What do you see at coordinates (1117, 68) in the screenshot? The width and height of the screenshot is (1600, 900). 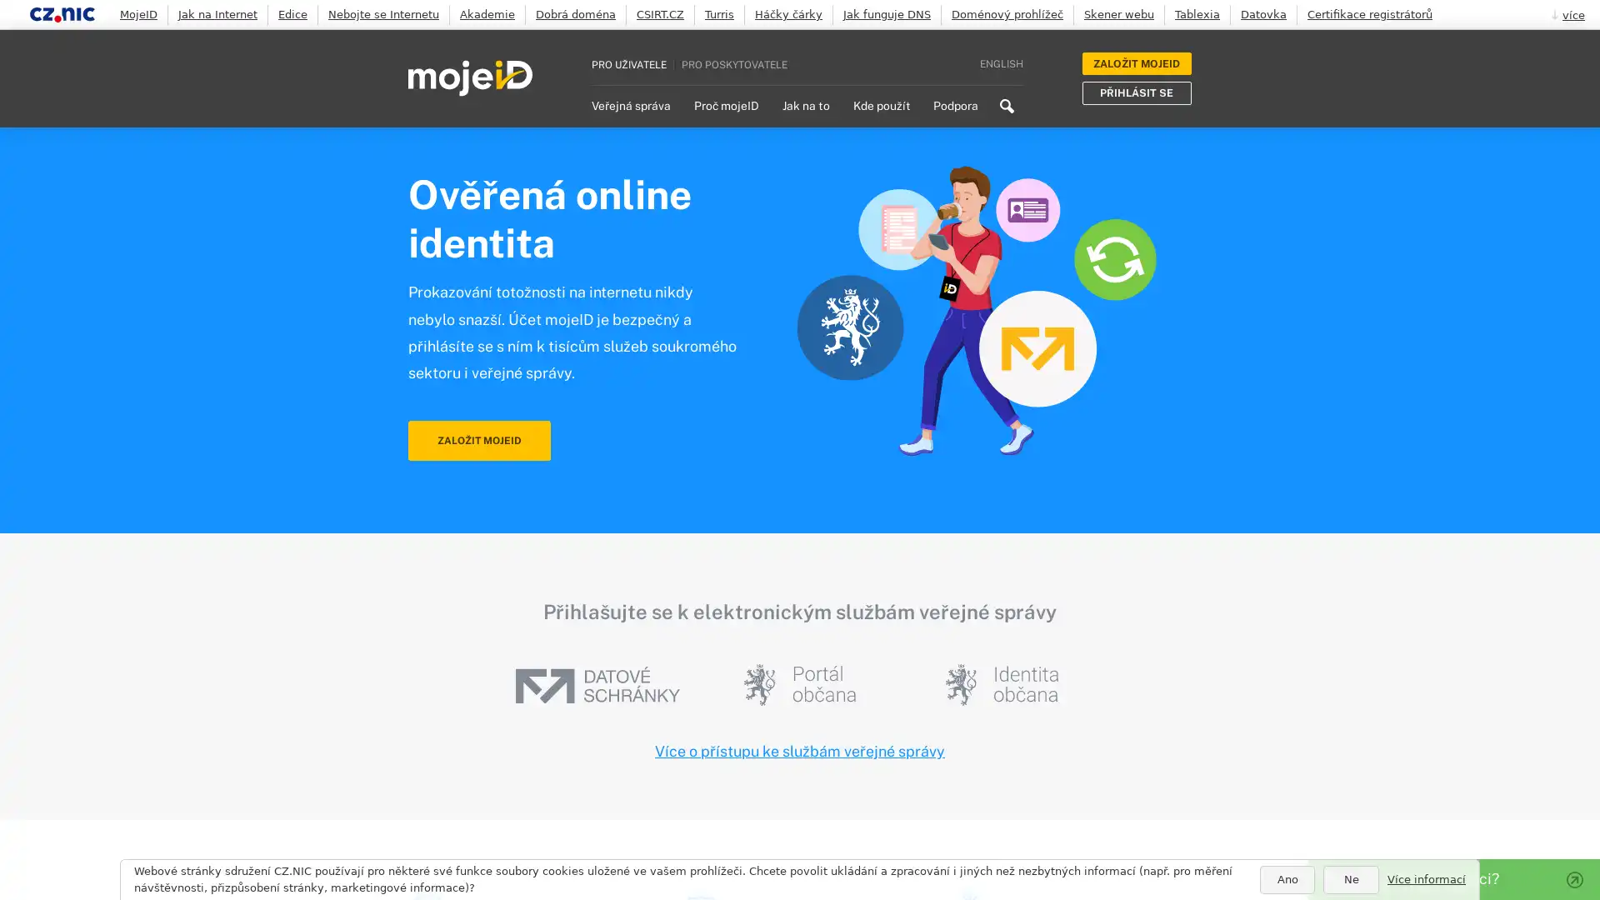 I see `Search icon` at bounding box center [1117, 68].